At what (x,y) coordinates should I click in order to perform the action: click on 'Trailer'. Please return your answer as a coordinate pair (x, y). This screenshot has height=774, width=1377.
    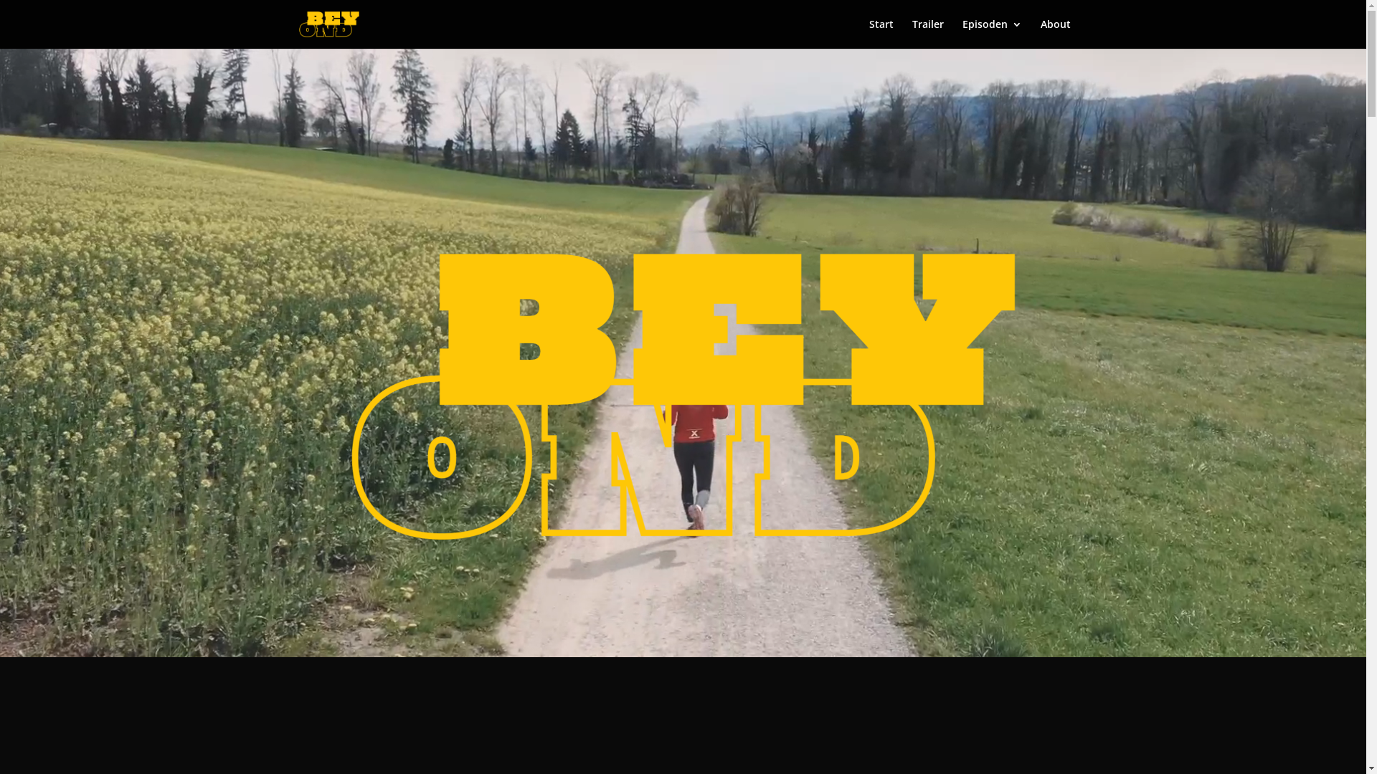
    Looking at the image, I should click on (912, 33).